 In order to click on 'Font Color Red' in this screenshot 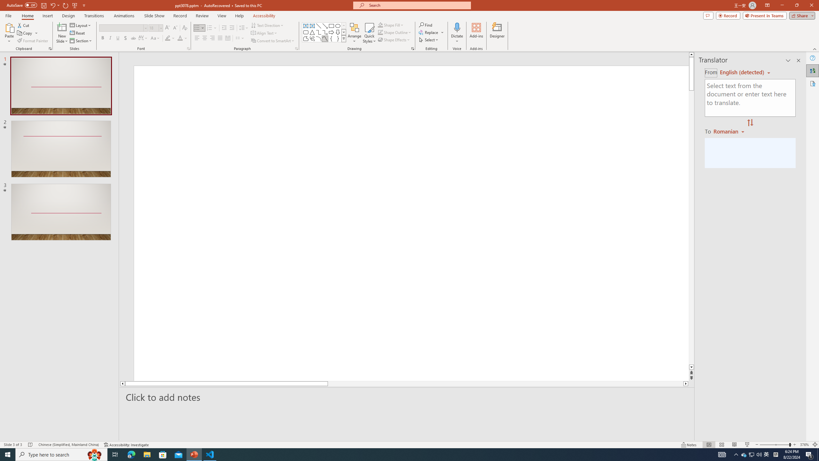, I will do `click(180, 38)`.